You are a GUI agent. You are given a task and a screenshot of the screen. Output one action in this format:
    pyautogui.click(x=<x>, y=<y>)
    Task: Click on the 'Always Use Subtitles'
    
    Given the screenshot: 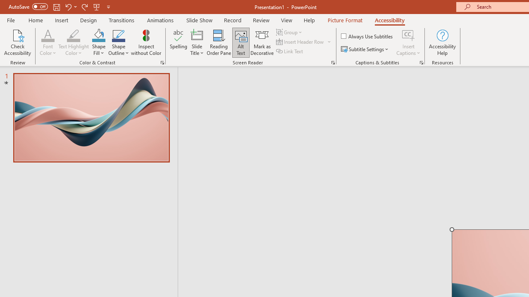 What is the action you would take?
    pyautogui.click(x=367, y=35)
    